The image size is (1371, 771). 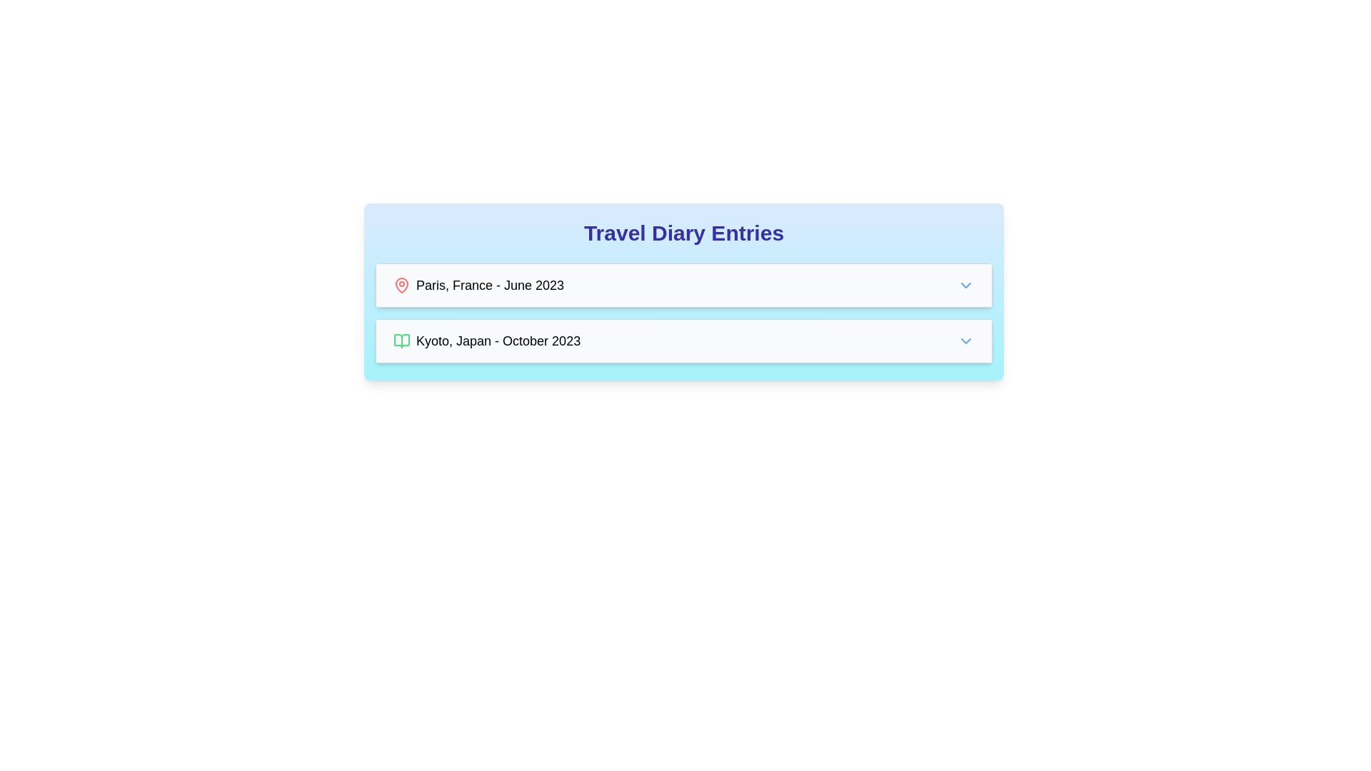 I want to click on the first list item in the travel diary entries, which displays 'Paris, France - June 2023' with a red map pin icon on the left and a blue chevron-down icon on the right, so click(x=683, y=286).